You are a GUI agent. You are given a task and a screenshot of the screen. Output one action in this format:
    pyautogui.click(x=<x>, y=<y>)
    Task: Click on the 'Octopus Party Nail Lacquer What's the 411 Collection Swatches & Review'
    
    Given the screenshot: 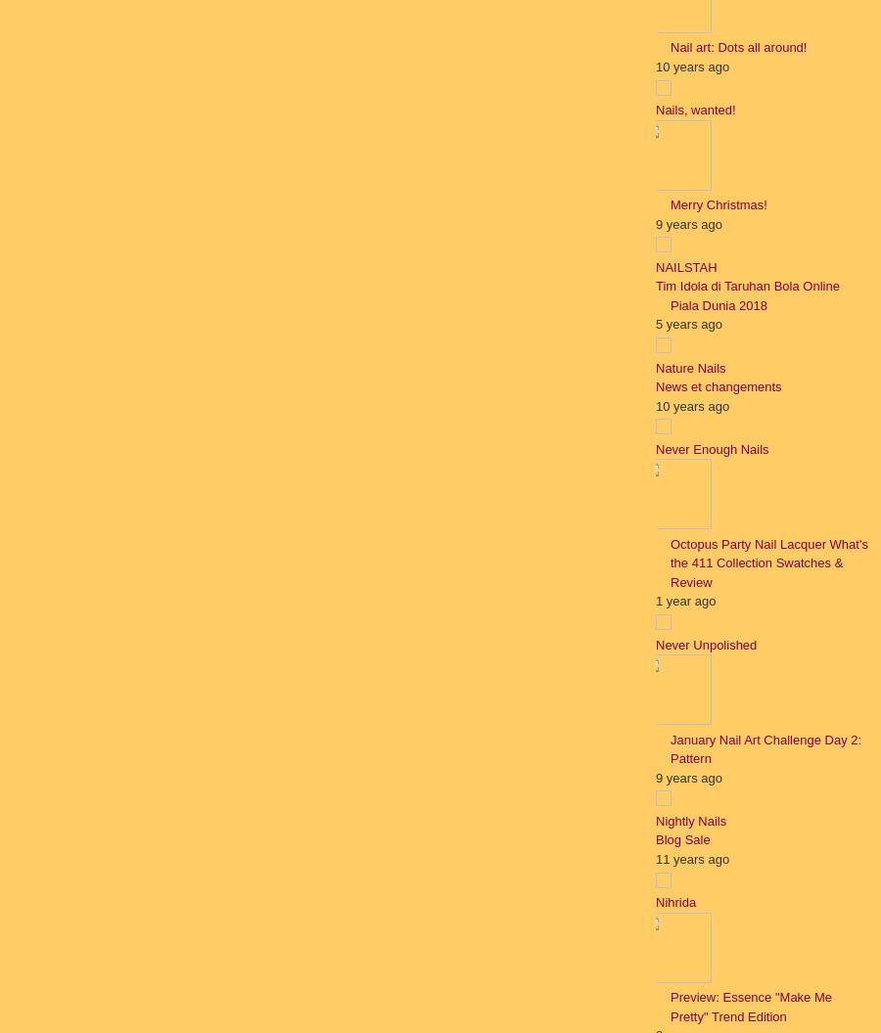 What is the action you would take?
    pyautogui.click(x=767, y=561)
    